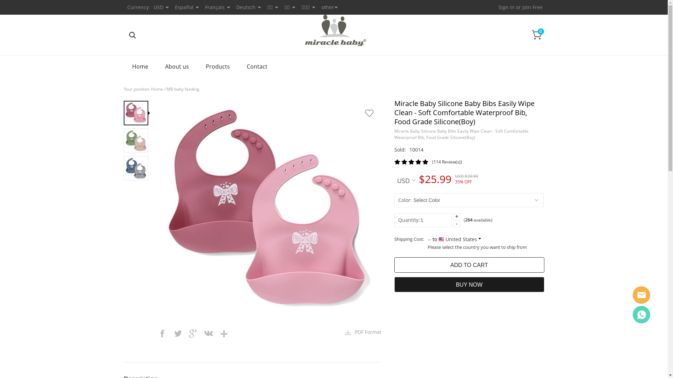  I want to click on '(114 Review(s))', so click(431, 162).